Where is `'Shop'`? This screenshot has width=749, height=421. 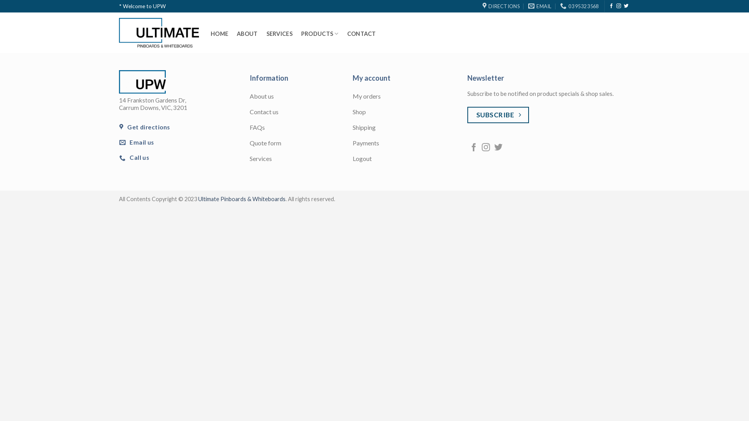 'Shop' is located at coordinates (352, 113).